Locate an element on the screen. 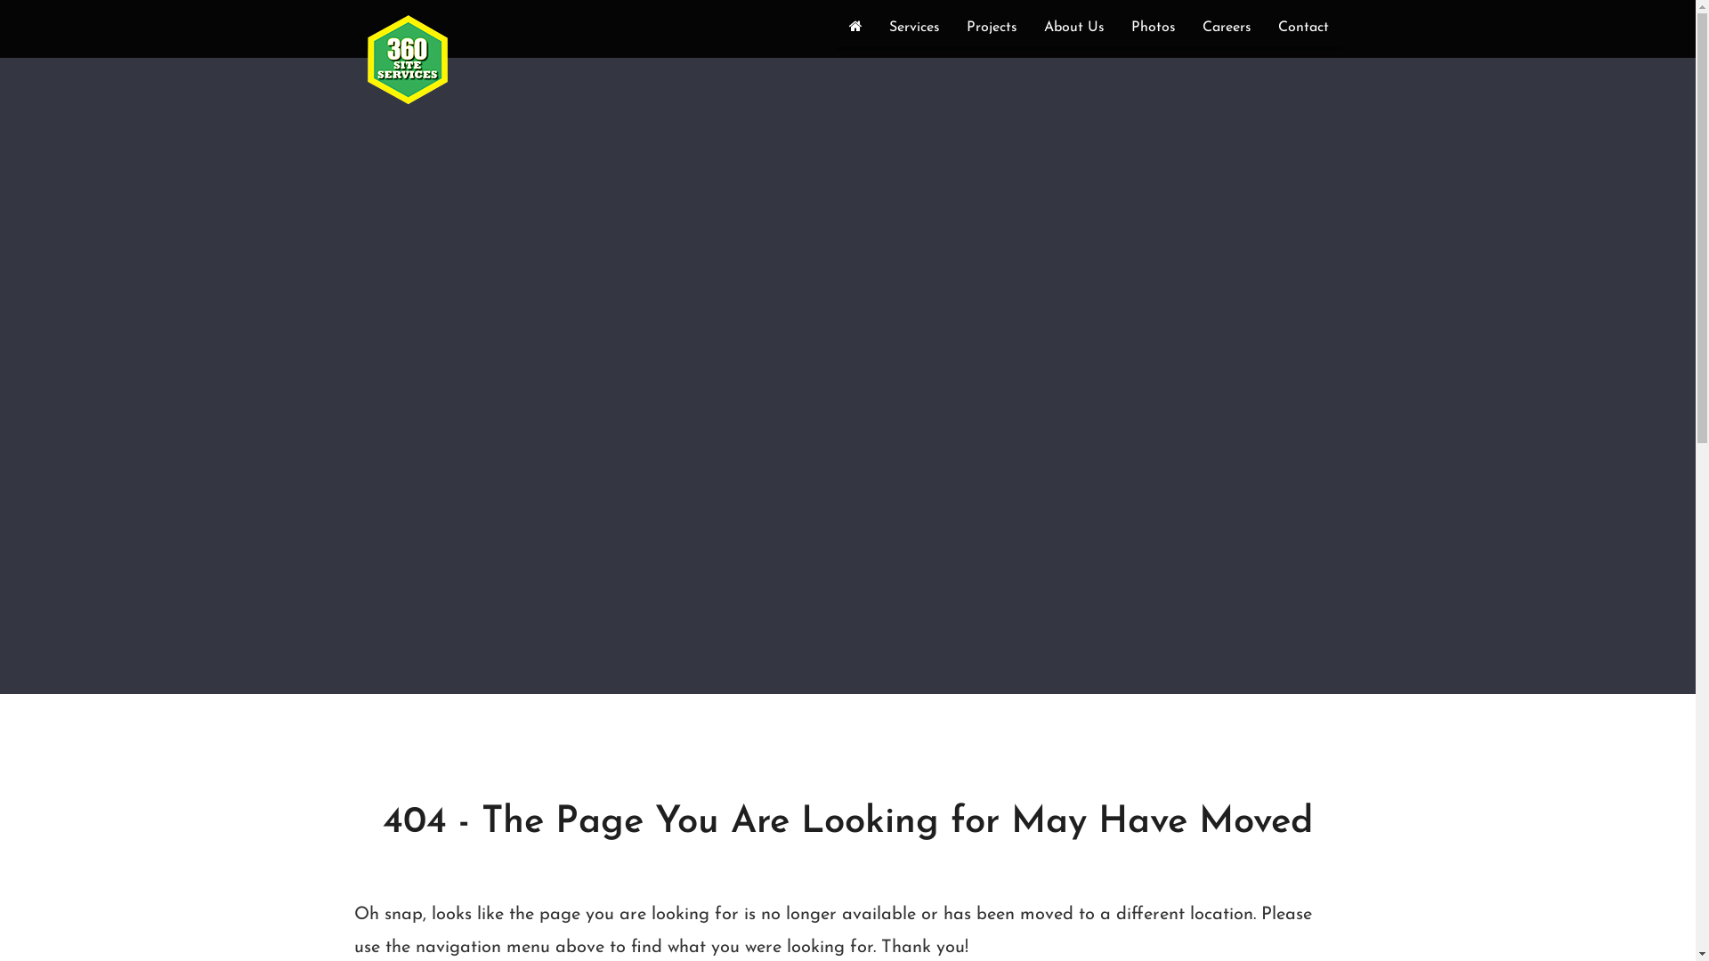  'Photos' is located at coordinates (1154, 29).